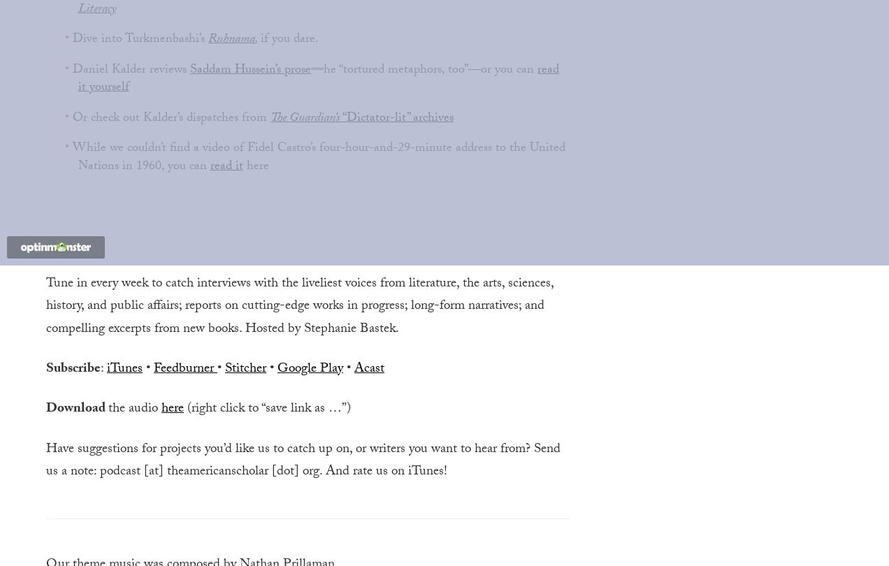 This screenshot has width=889, height=566. I want to click on 'he “tortured metaphors, too”—or you can', so click(323, 70).